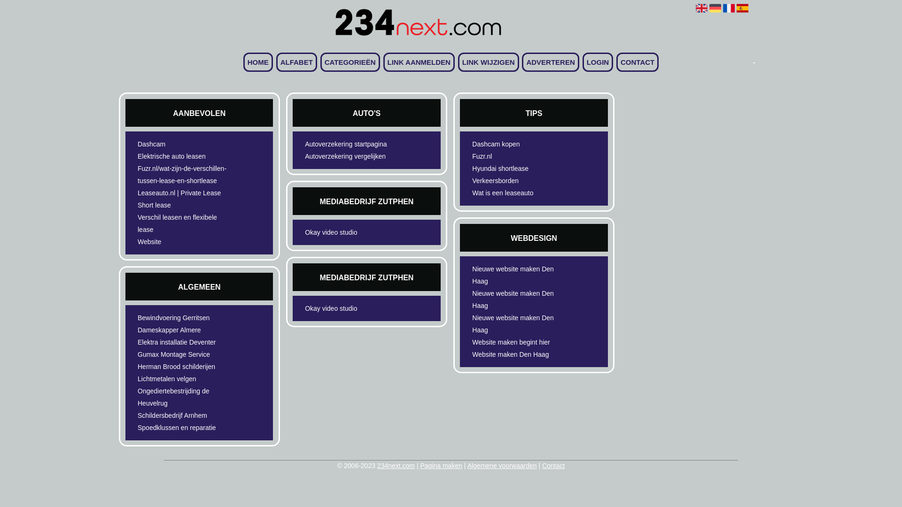  What do you see at coordinates (134, 223) in the screenshot?
I see `'Verschil leasen en flexibele lease'` at bounding box center [134, 223].